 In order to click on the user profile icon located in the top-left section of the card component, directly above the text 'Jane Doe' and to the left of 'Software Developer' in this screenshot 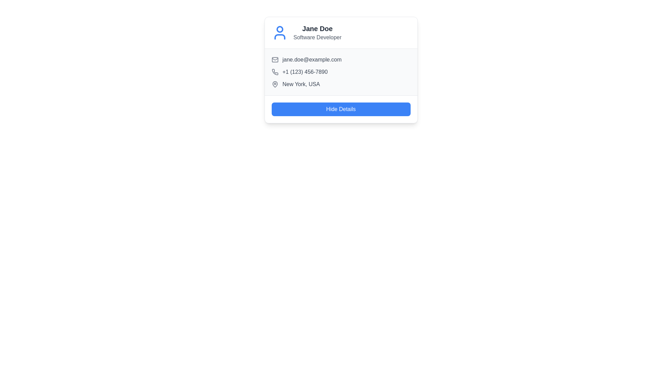, I will do `click(280, 33)`.